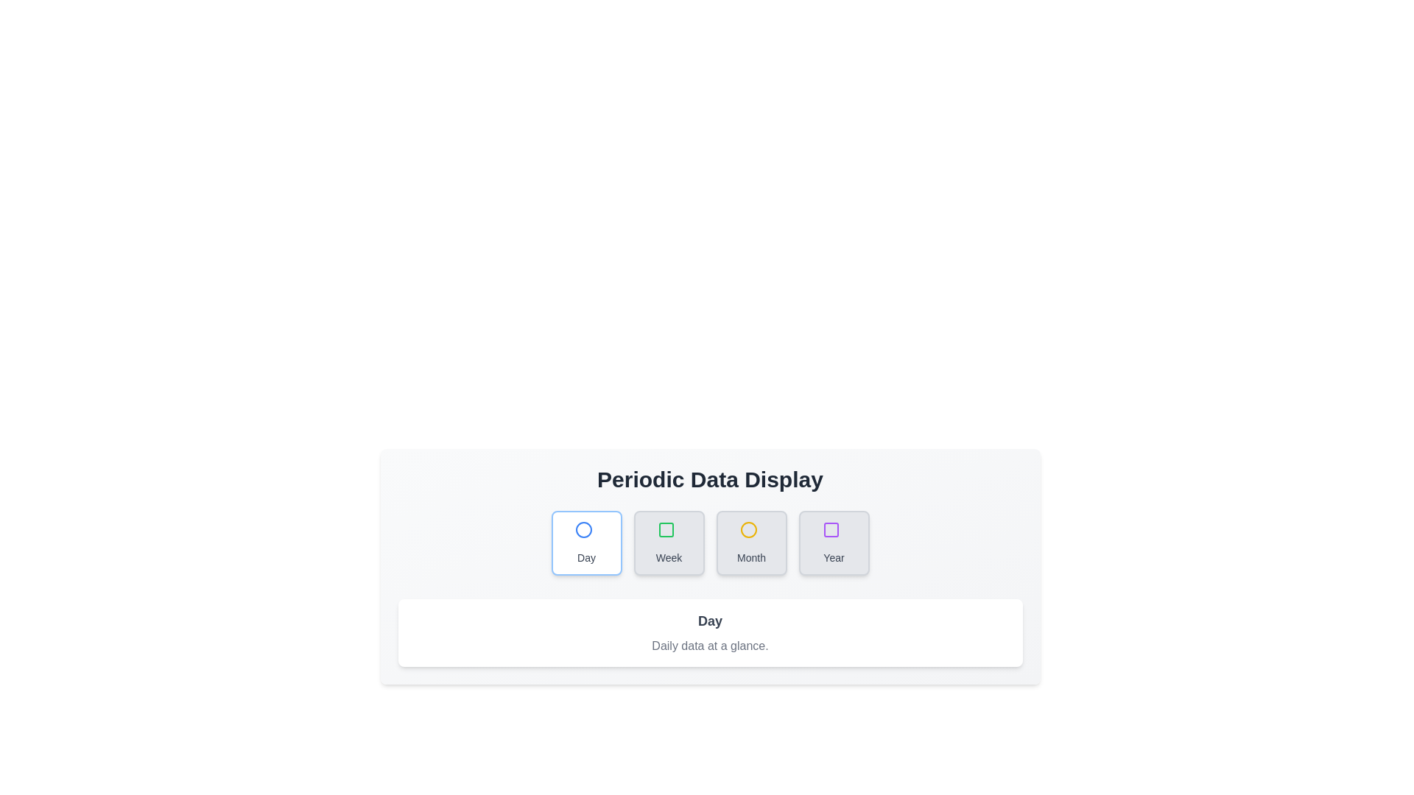 The image size is (1414, 795). Describe the element at coordinates (668, 543) in the screenshot. I see `the 'Week' button, which is a muted gray button with a green outlined square icon above the text, to observe any visual changes` at that location.